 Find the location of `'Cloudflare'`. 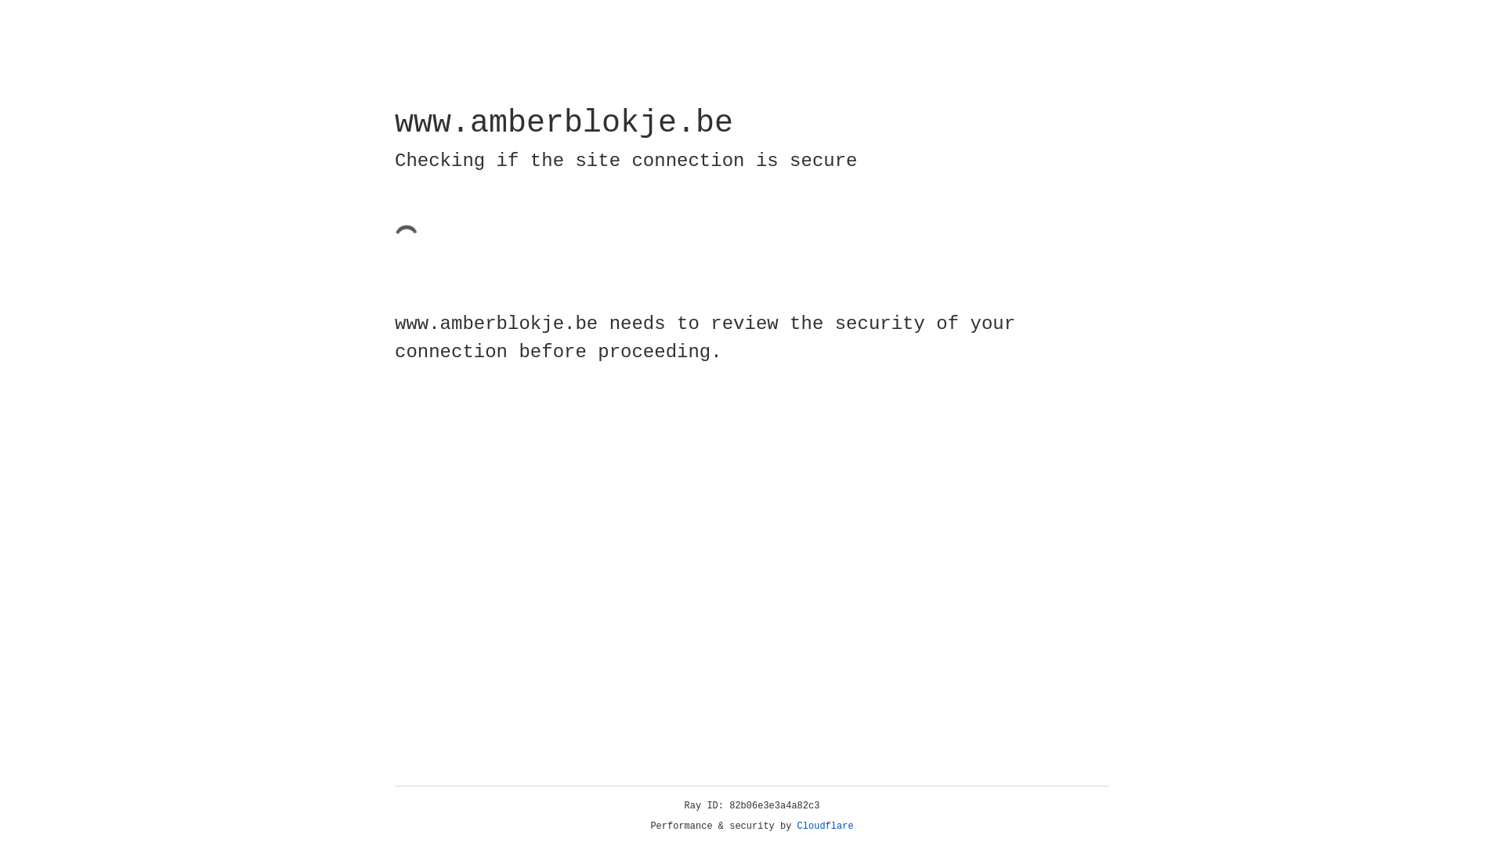

'Cloudflare' is located at coordinates (797, 826).